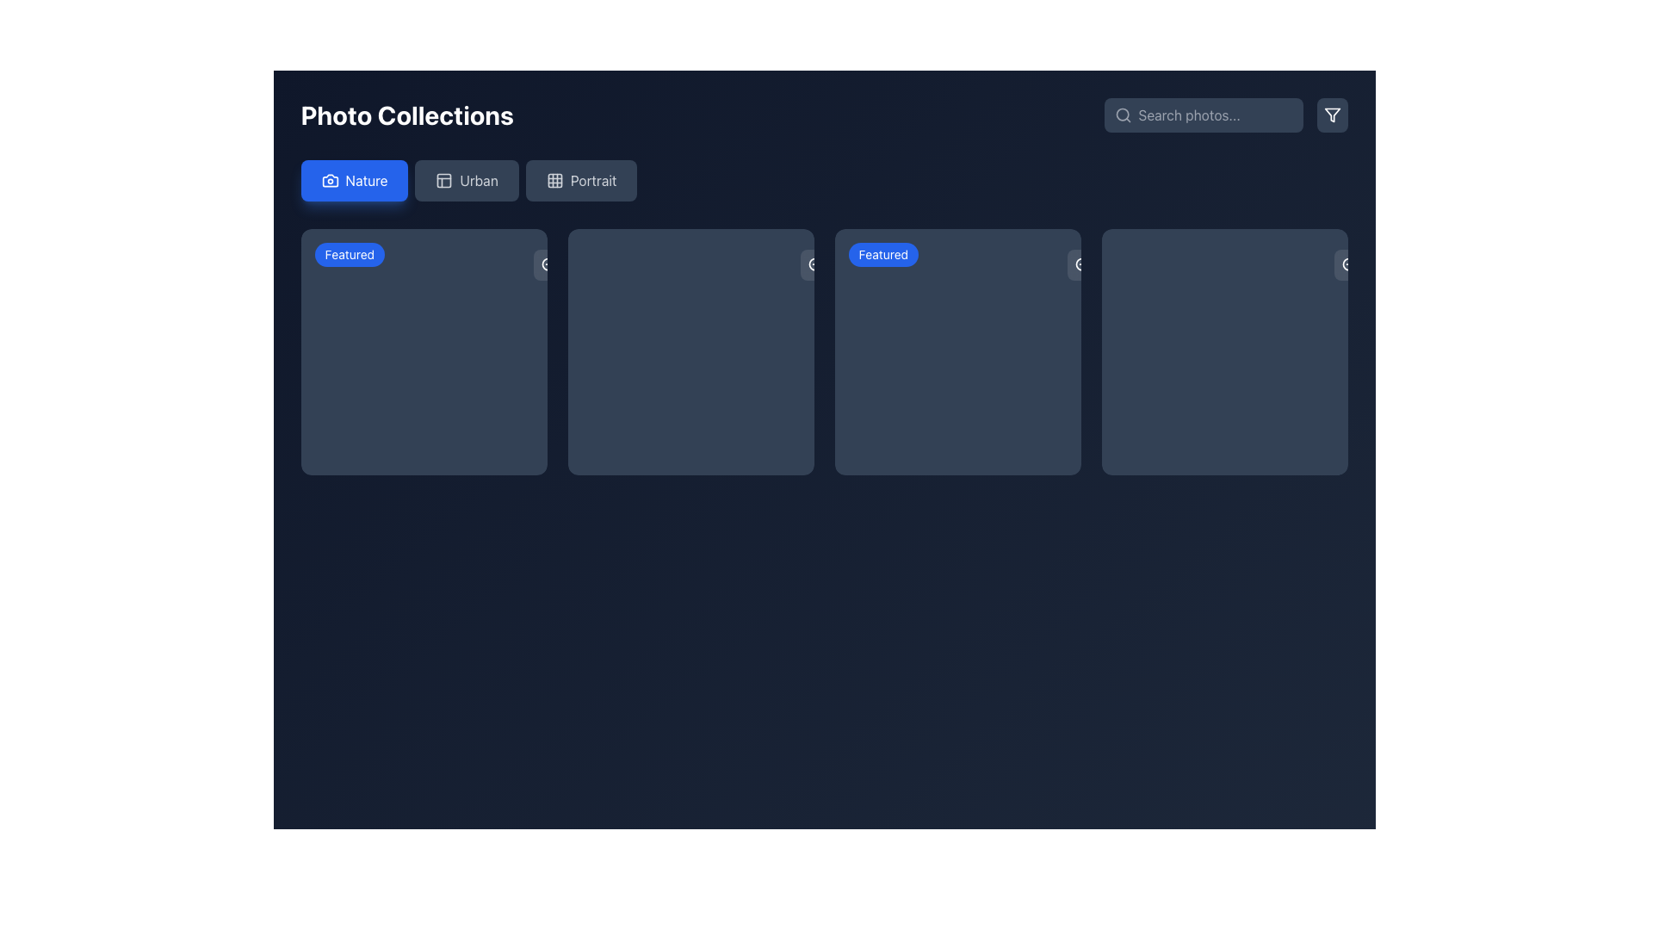 Image resolution: width=1653 pixels, height=930 pixels. What do you see at coordinates (690, 350) in the screenshot?
I see `the second card in the grid layout` at bounding box center [690, 350].